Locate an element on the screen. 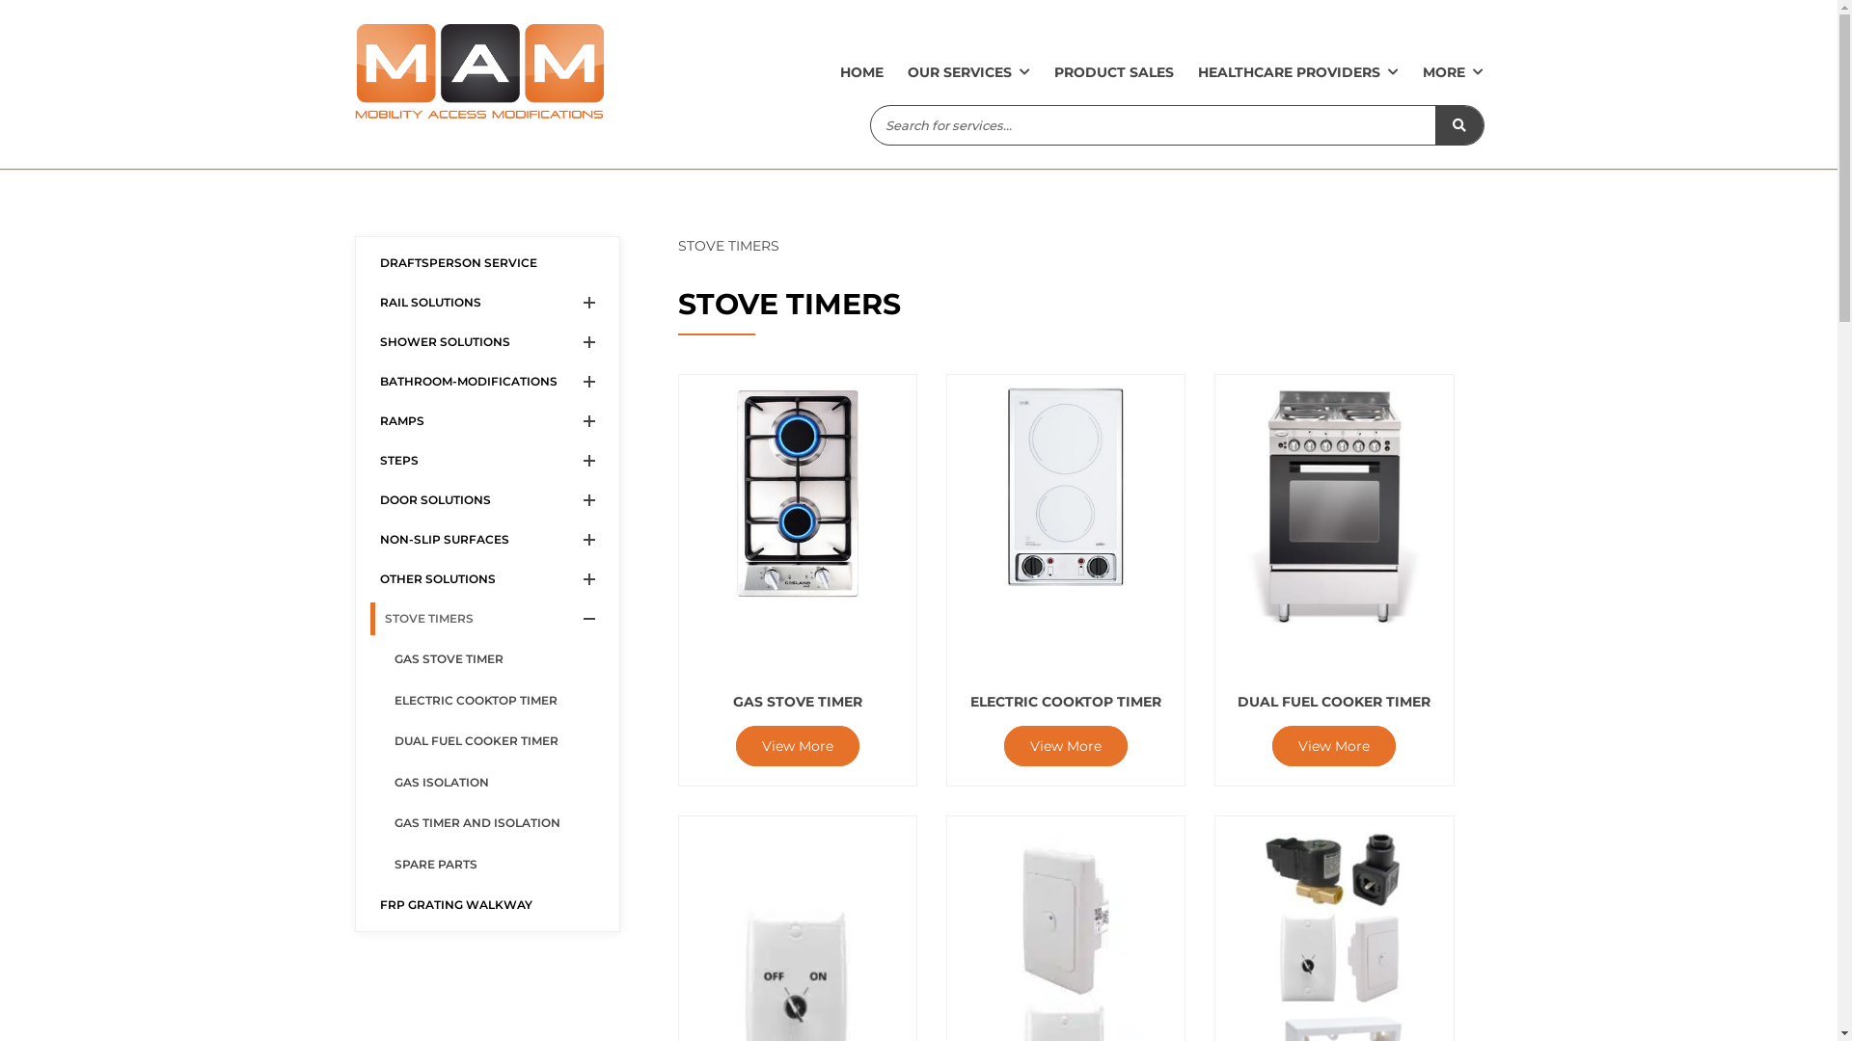  'View More' is located at coordinates (1332, 745).